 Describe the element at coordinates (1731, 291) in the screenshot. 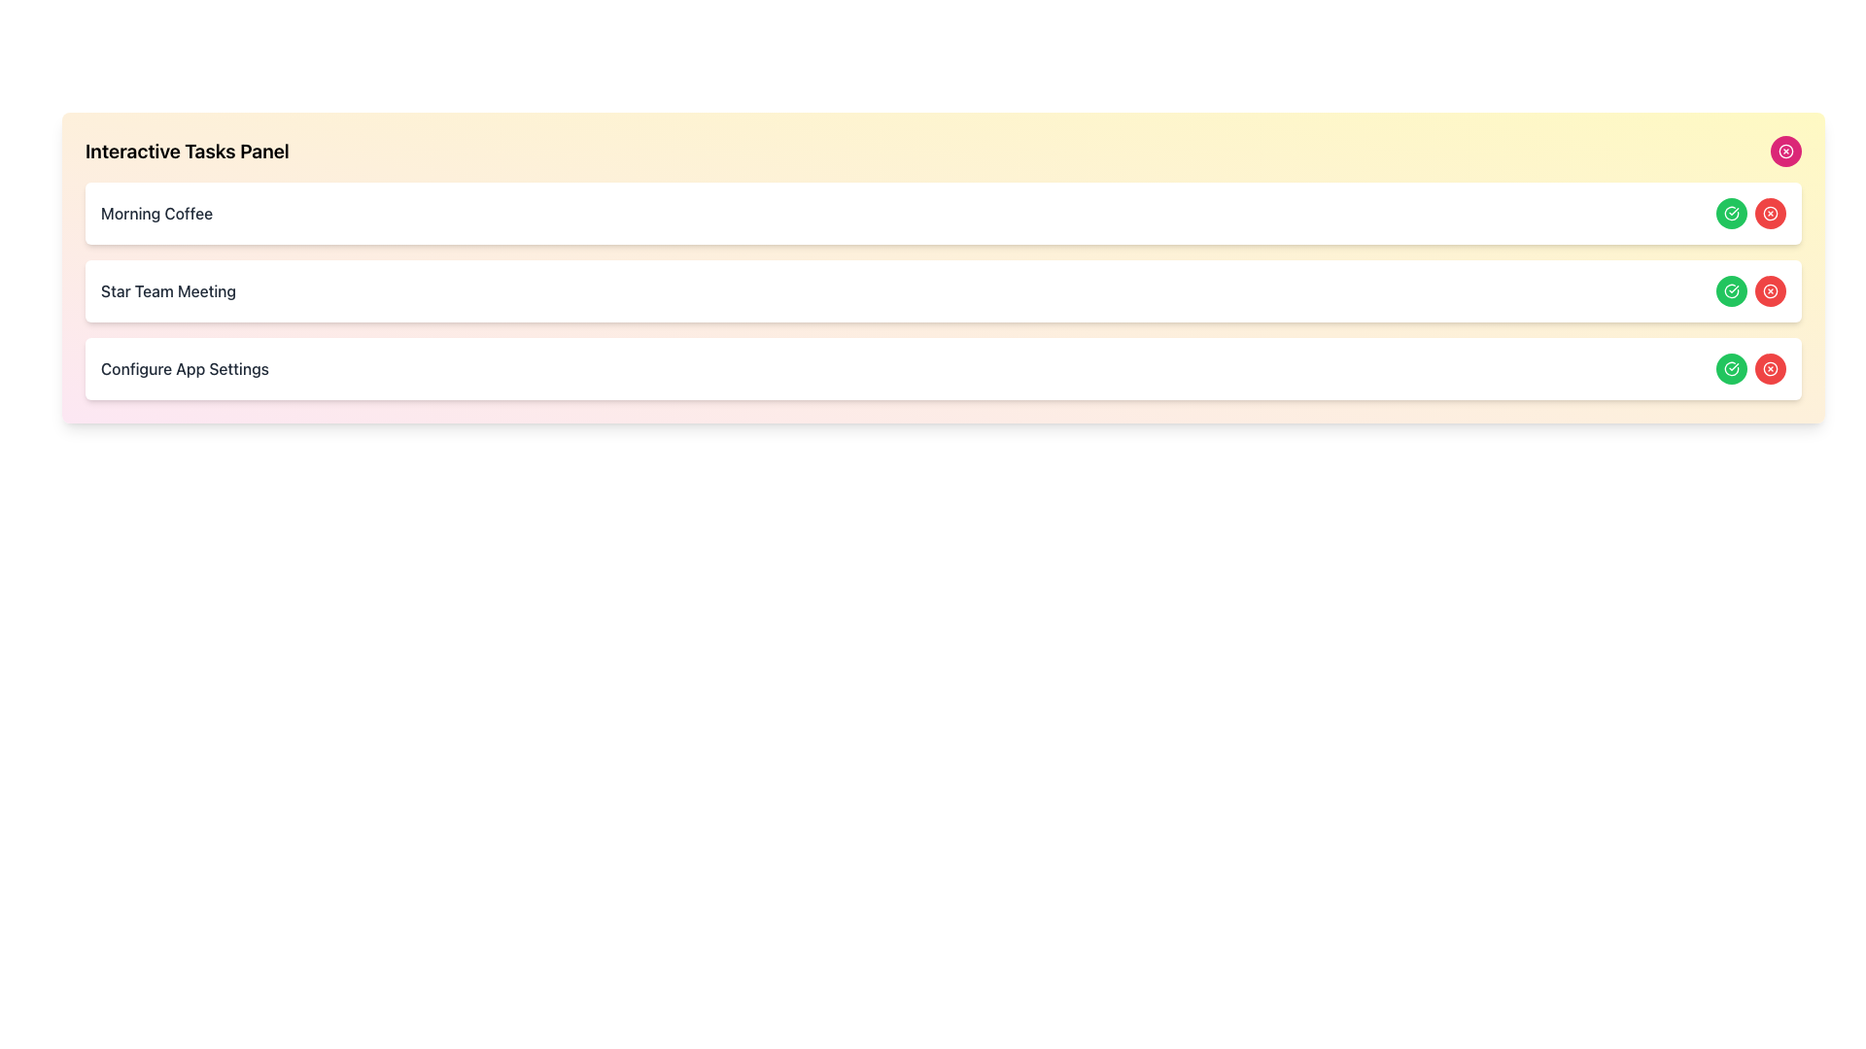

I see `the confirmation button located in the last item's action panel, which is the first button from the right` at that location.